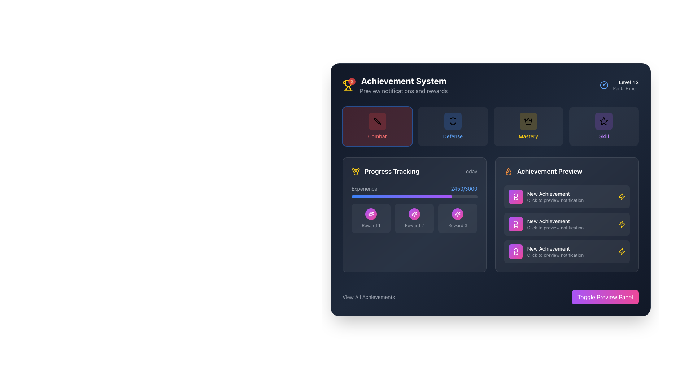 The width and height of the screenshot is (693, 390). Describe the element at coordinates (422, 196) in the screenshot. I see `the progress` at that location.